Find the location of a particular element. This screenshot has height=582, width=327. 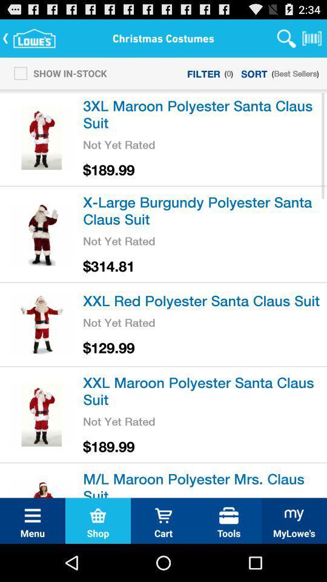

the item above the not yet rated is located at coordinates (203, 210).